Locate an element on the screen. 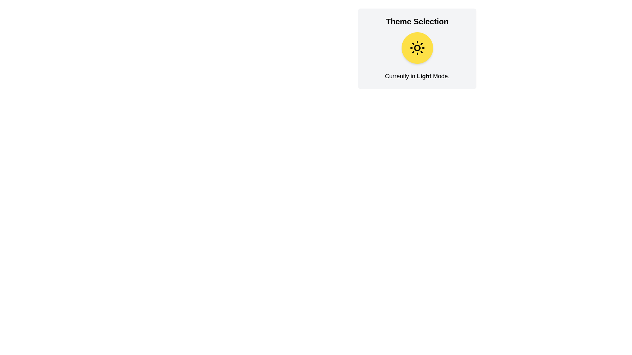 The image size is (632, 355). the circular yellow button with a sun icon is located at coordinates (417, 48).